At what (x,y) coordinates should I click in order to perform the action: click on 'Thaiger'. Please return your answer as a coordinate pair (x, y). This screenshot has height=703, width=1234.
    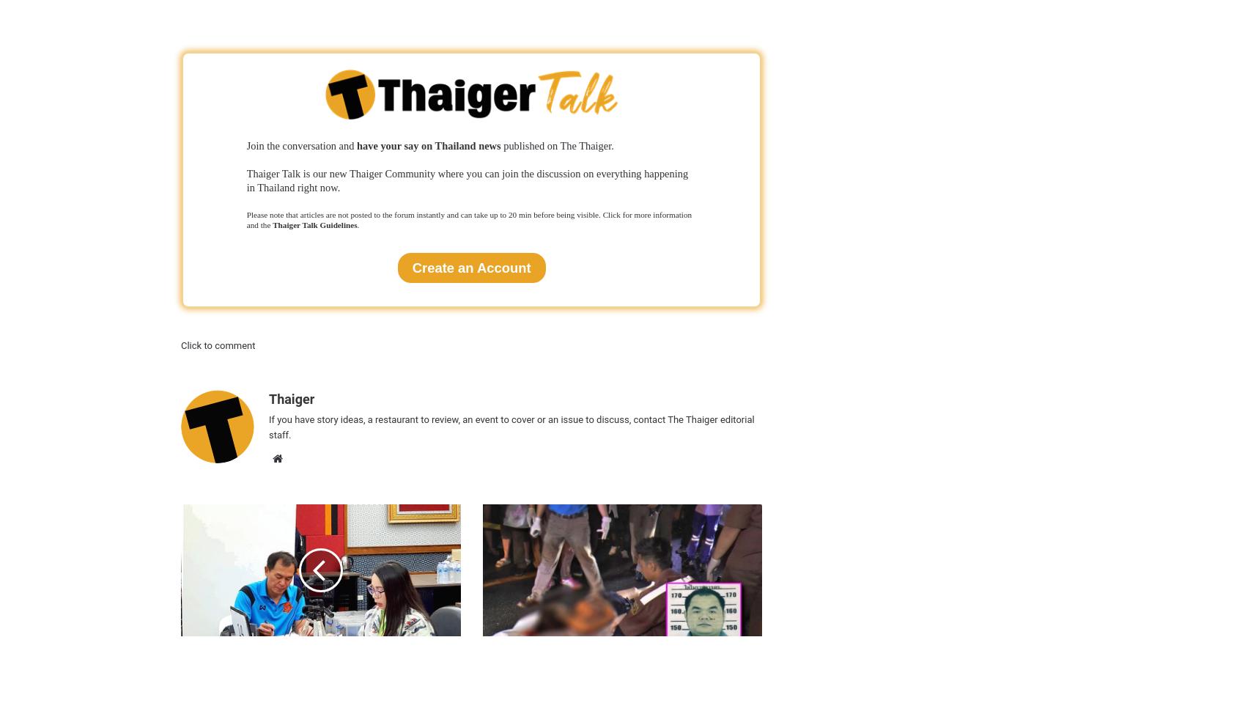
    Looking at the image, I should click on (291, 398).